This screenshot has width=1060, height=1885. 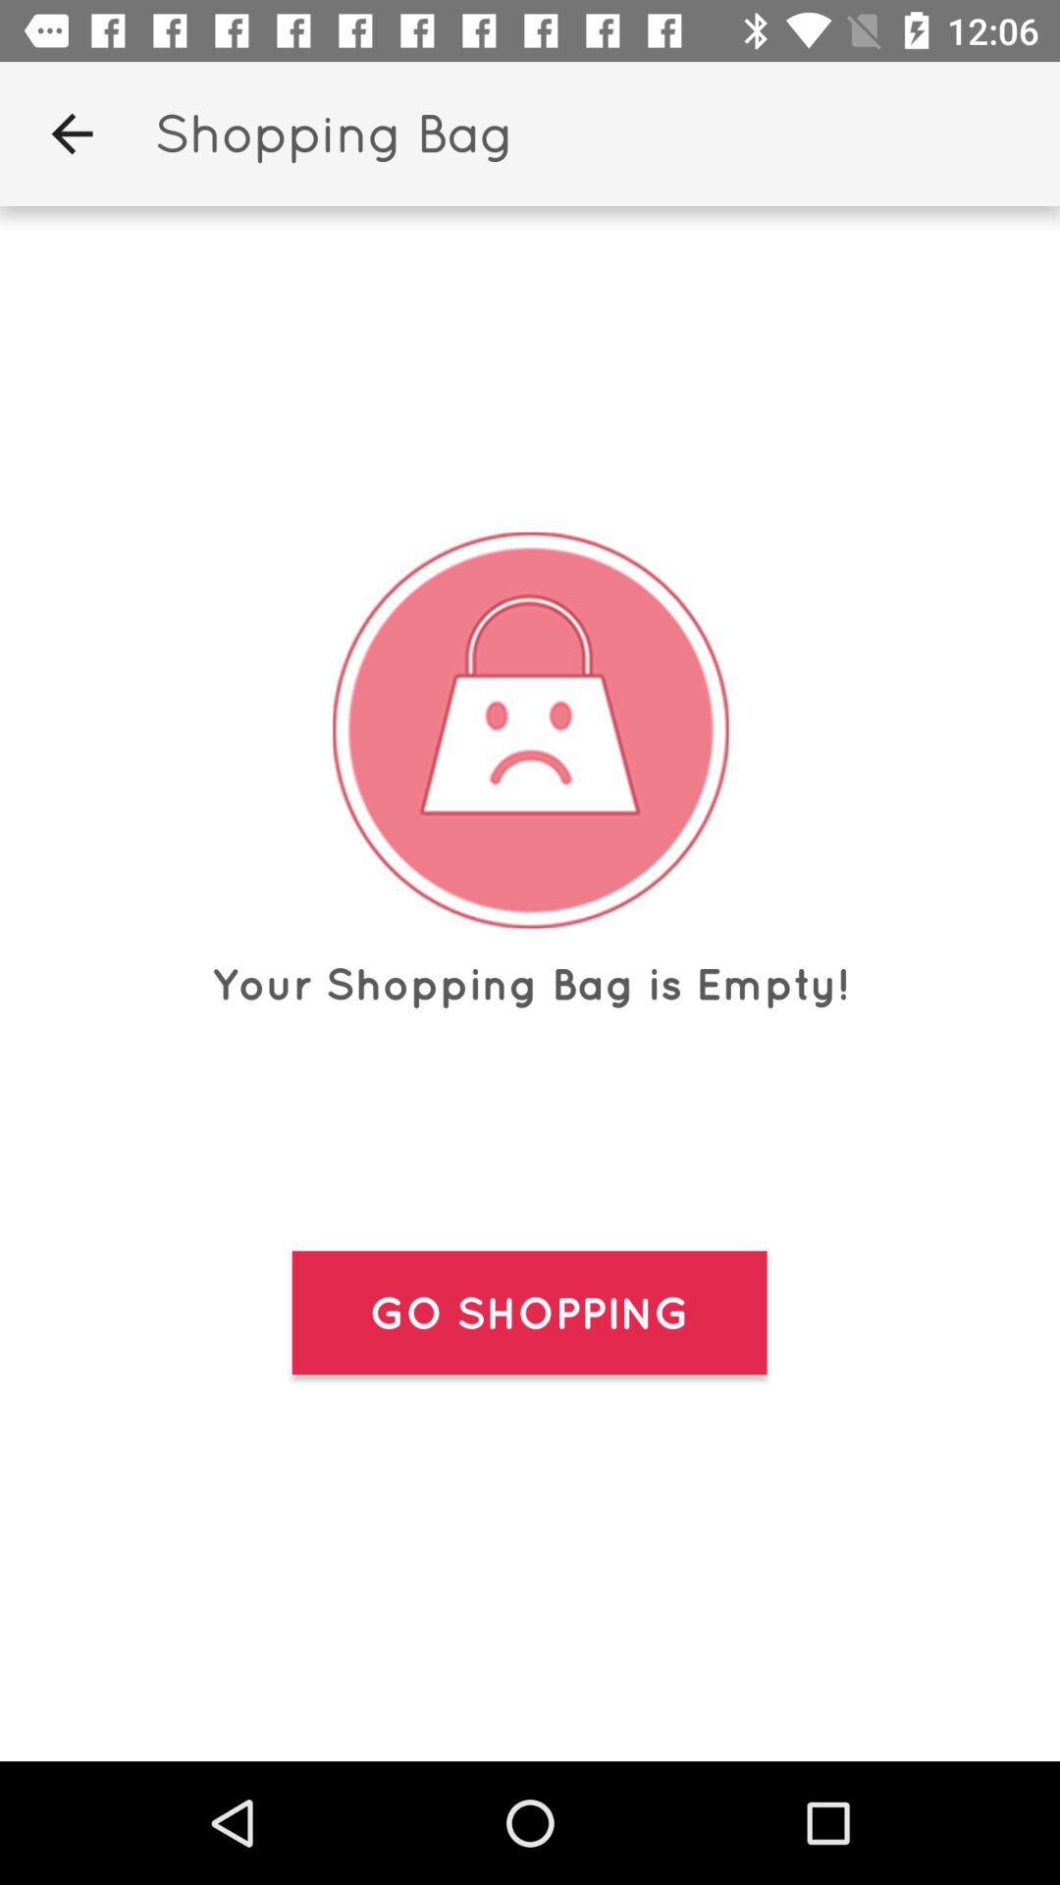 What do you see at coordinates (71, 133) in the screenshot?
I see `the item to the left of the shopping bag icon` at bounding box center [71, 133].